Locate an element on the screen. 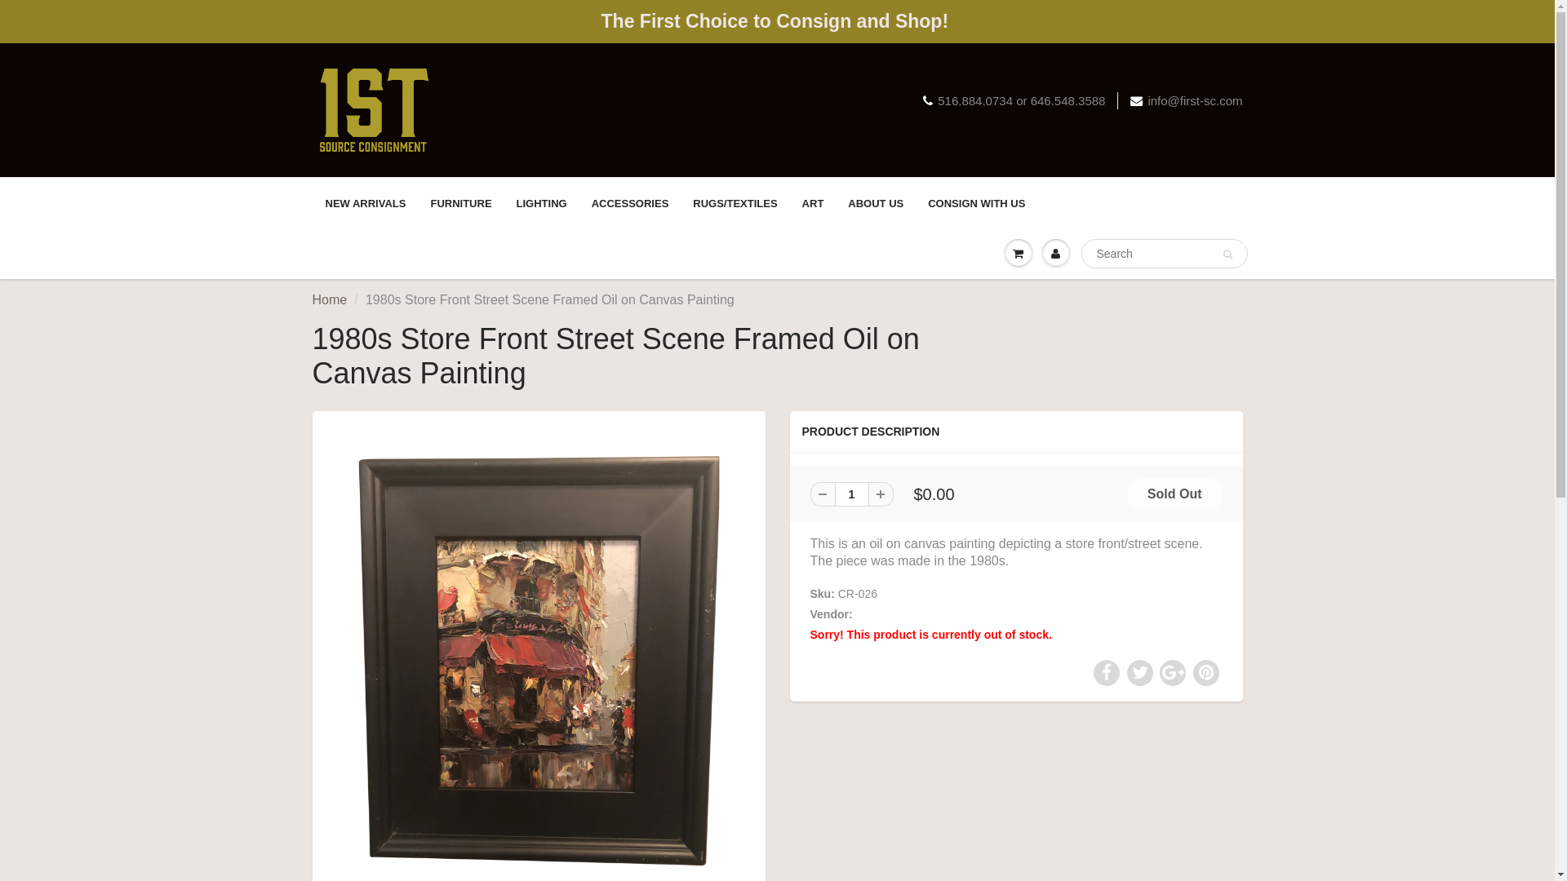  'Search' is located at coordinates (1227, 255).